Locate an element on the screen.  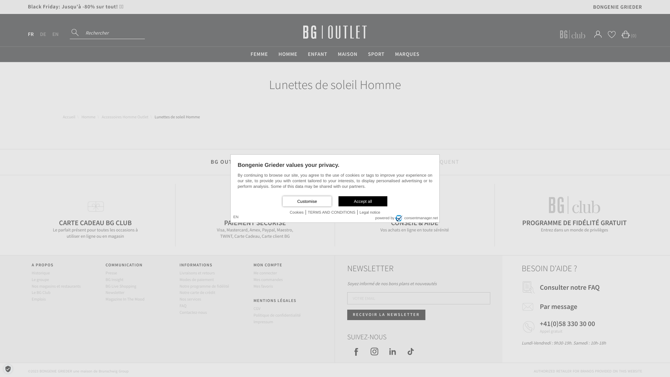
'SPORT' is located at coordinates (376, 54).